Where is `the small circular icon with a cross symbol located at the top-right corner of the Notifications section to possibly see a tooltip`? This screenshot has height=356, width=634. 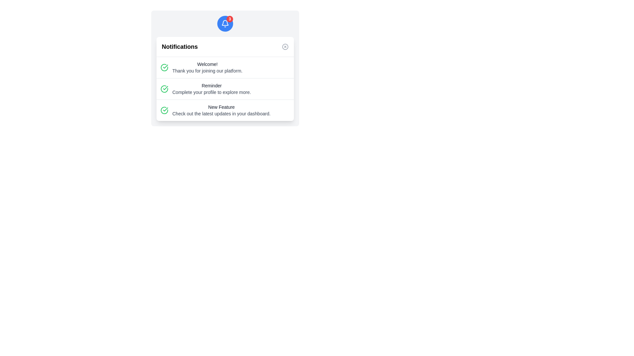
the small circular icon with a cross symbol located at the top-right corner of the Notifications section to possibly see a tooltip is located at coordinates (285, 46).